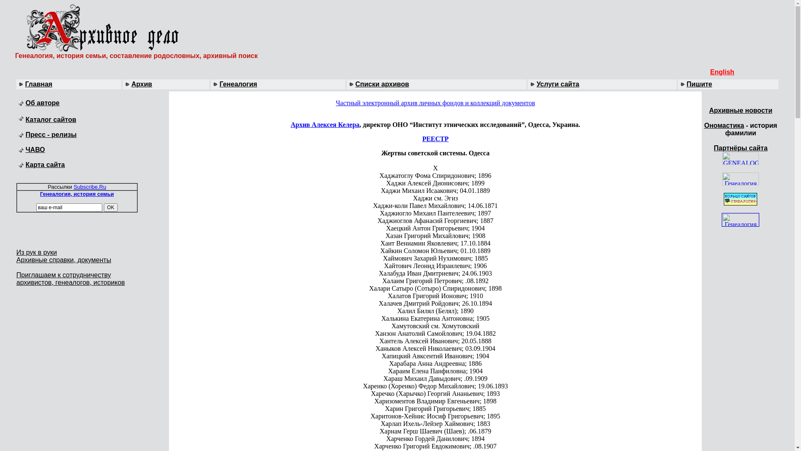  Describe the element at coordinates (90, 186) in the screenshot. I see `'Subscribe.Ru'` at that location.